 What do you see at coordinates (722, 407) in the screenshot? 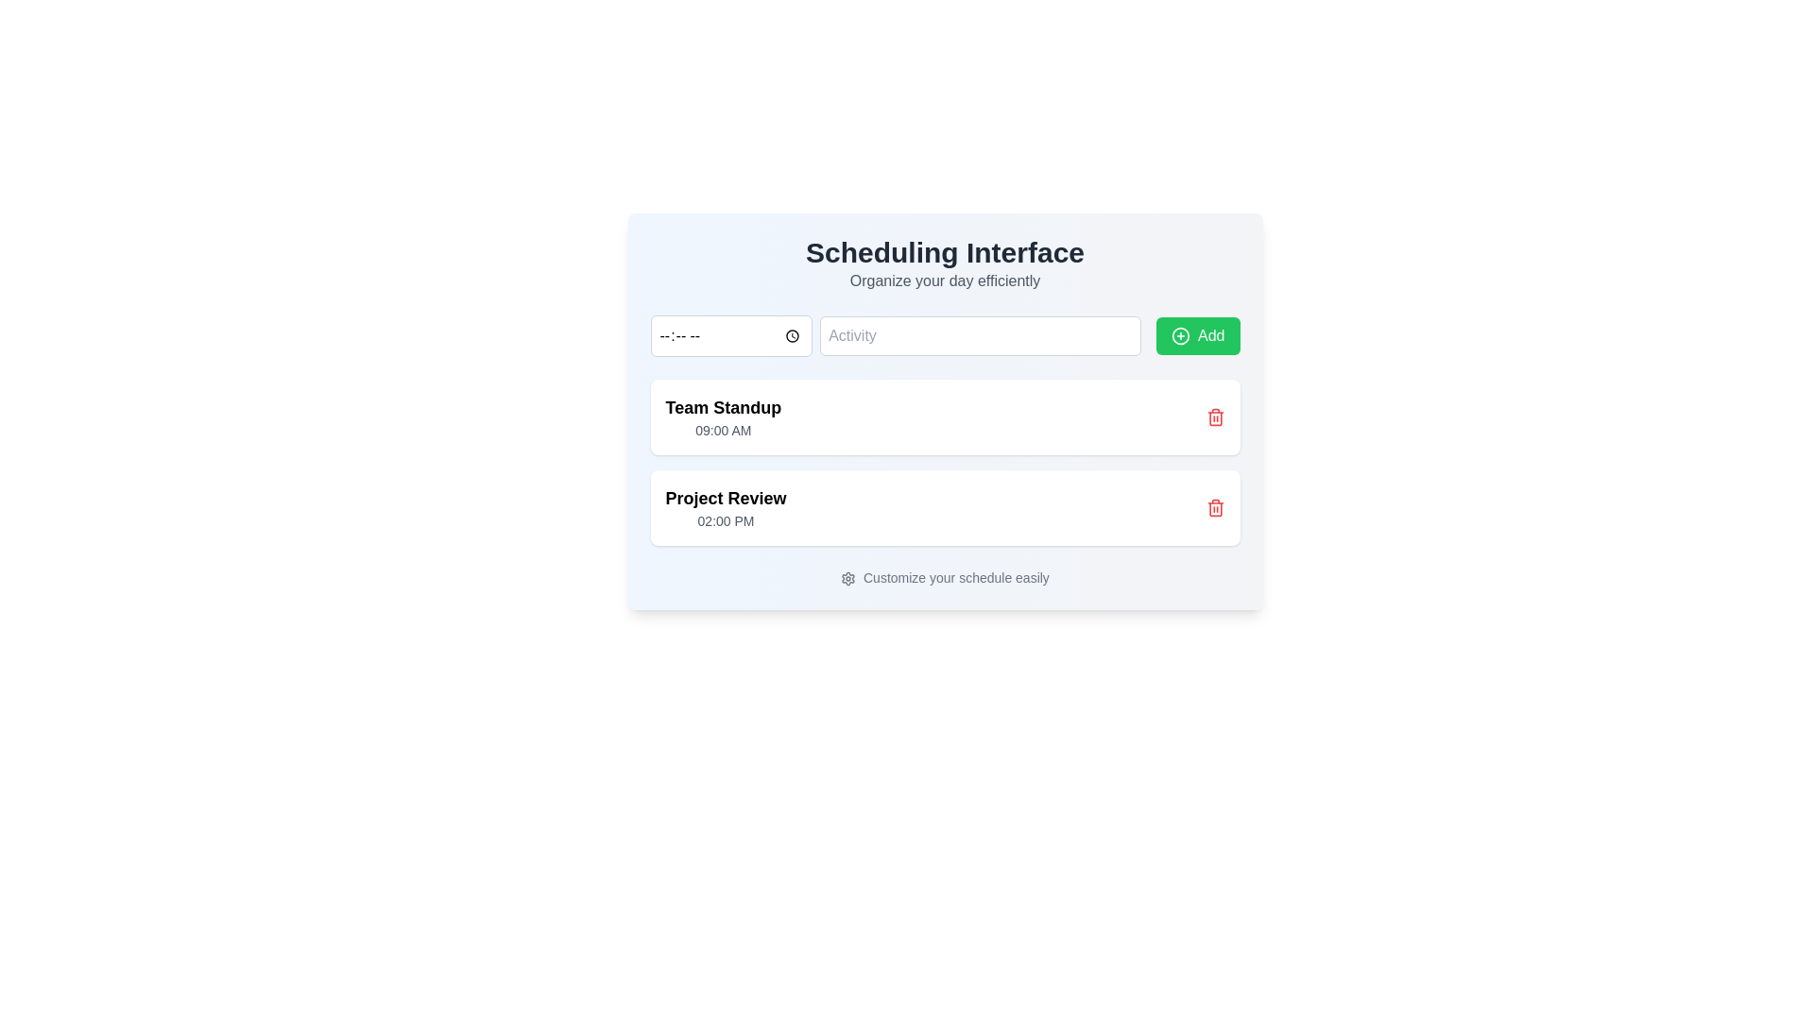
I see `the 'Team Standup' text label, which is styled with a bold, large-sized font and is positioned above the '09:00 AM' time indication, to possibly reveal additional information` at bounding box center [722, 407].